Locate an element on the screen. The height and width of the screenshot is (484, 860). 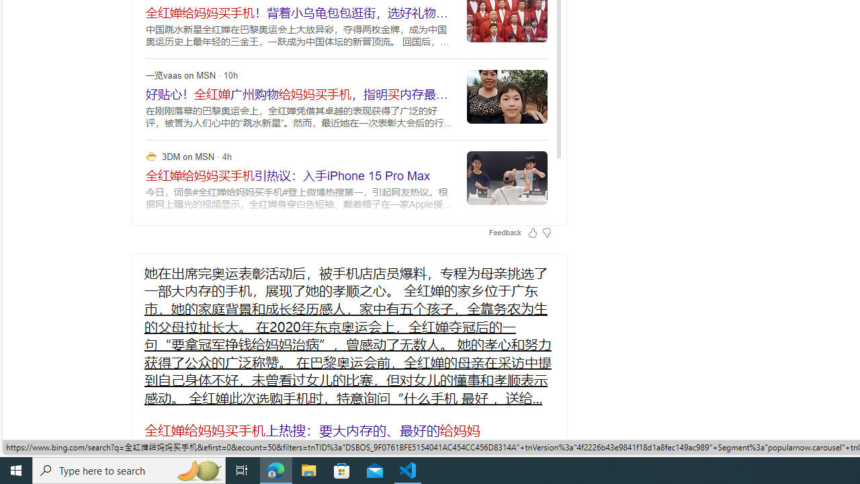
'Feedback Dislike' is located at coordinates (546, 231).